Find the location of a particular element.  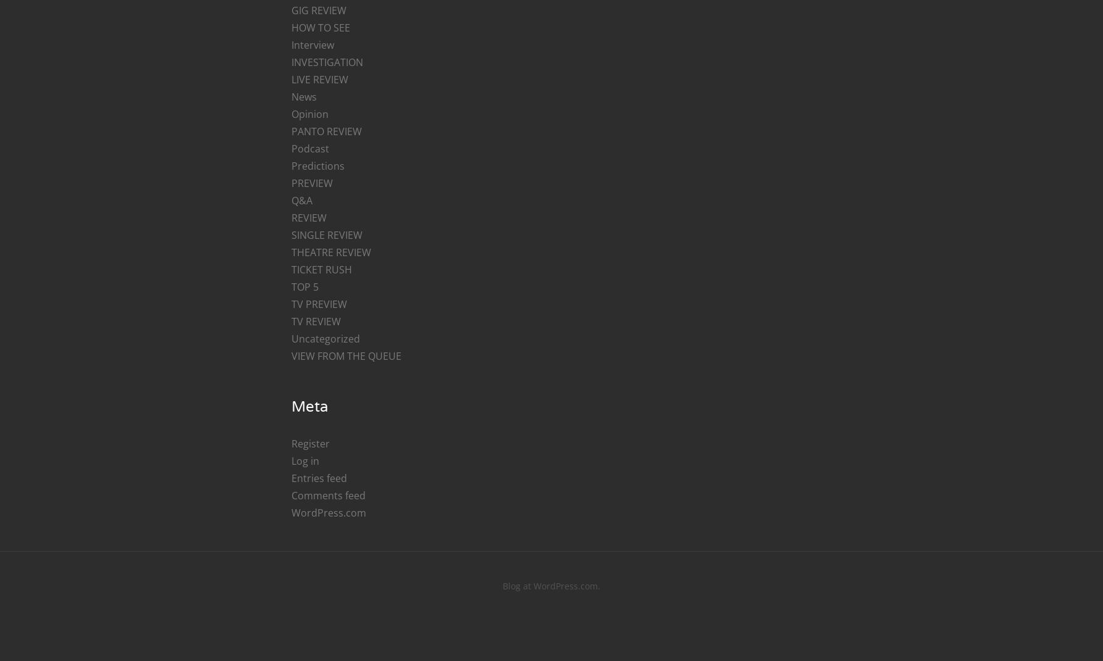

'Comments feed' is located at coordinates (327, 495).